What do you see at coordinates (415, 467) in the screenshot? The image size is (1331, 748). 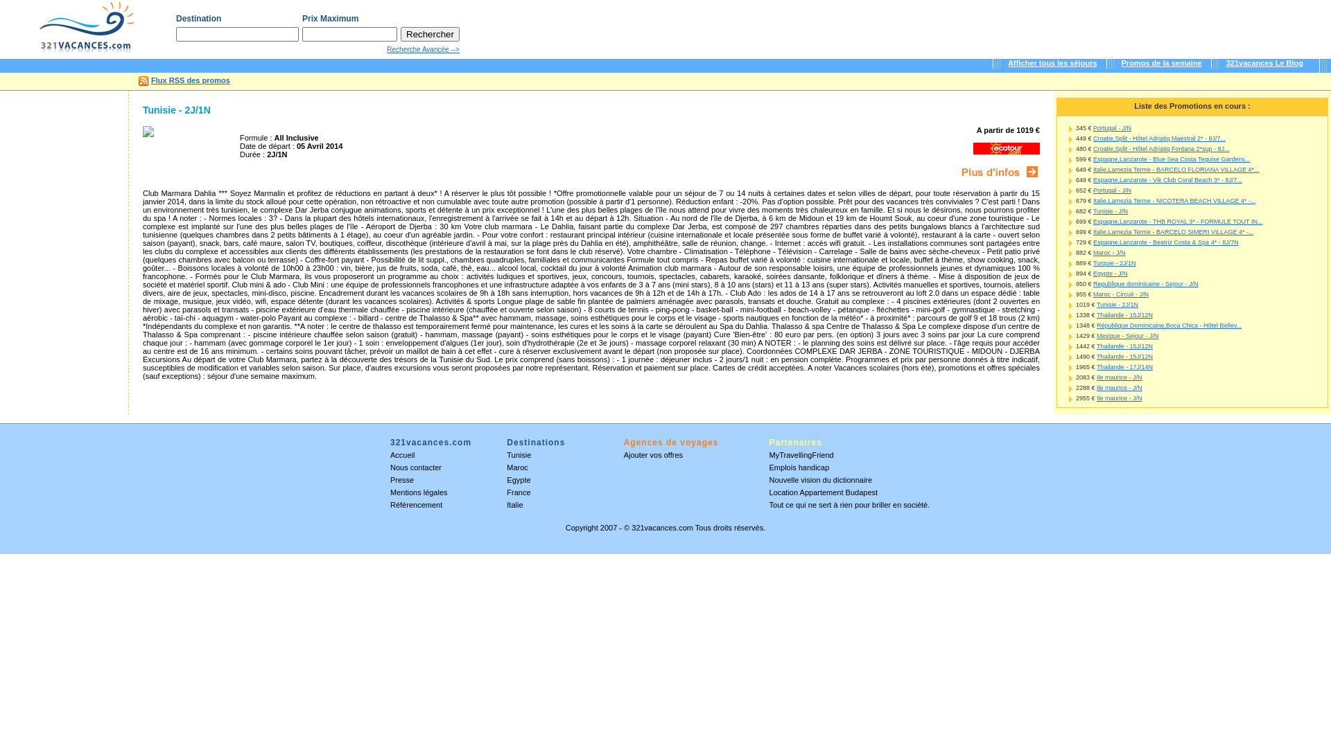 I see `'Nous contacter'` at bounding box center [415, 467].